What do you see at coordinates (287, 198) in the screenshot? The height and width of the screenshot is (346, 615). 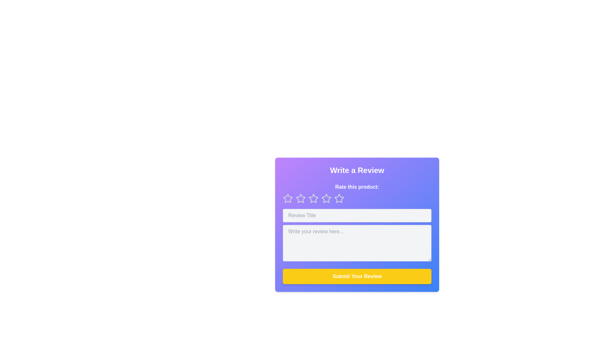 I see `the first star rating element in the interactive review section` at bounding box center [287, 198].